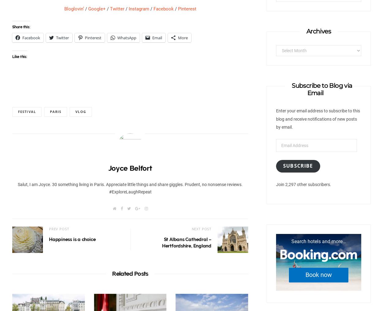 The width and height of the screenshot is (383, 311). I want to click on 'Happiness is a choice', so click(72, 239).